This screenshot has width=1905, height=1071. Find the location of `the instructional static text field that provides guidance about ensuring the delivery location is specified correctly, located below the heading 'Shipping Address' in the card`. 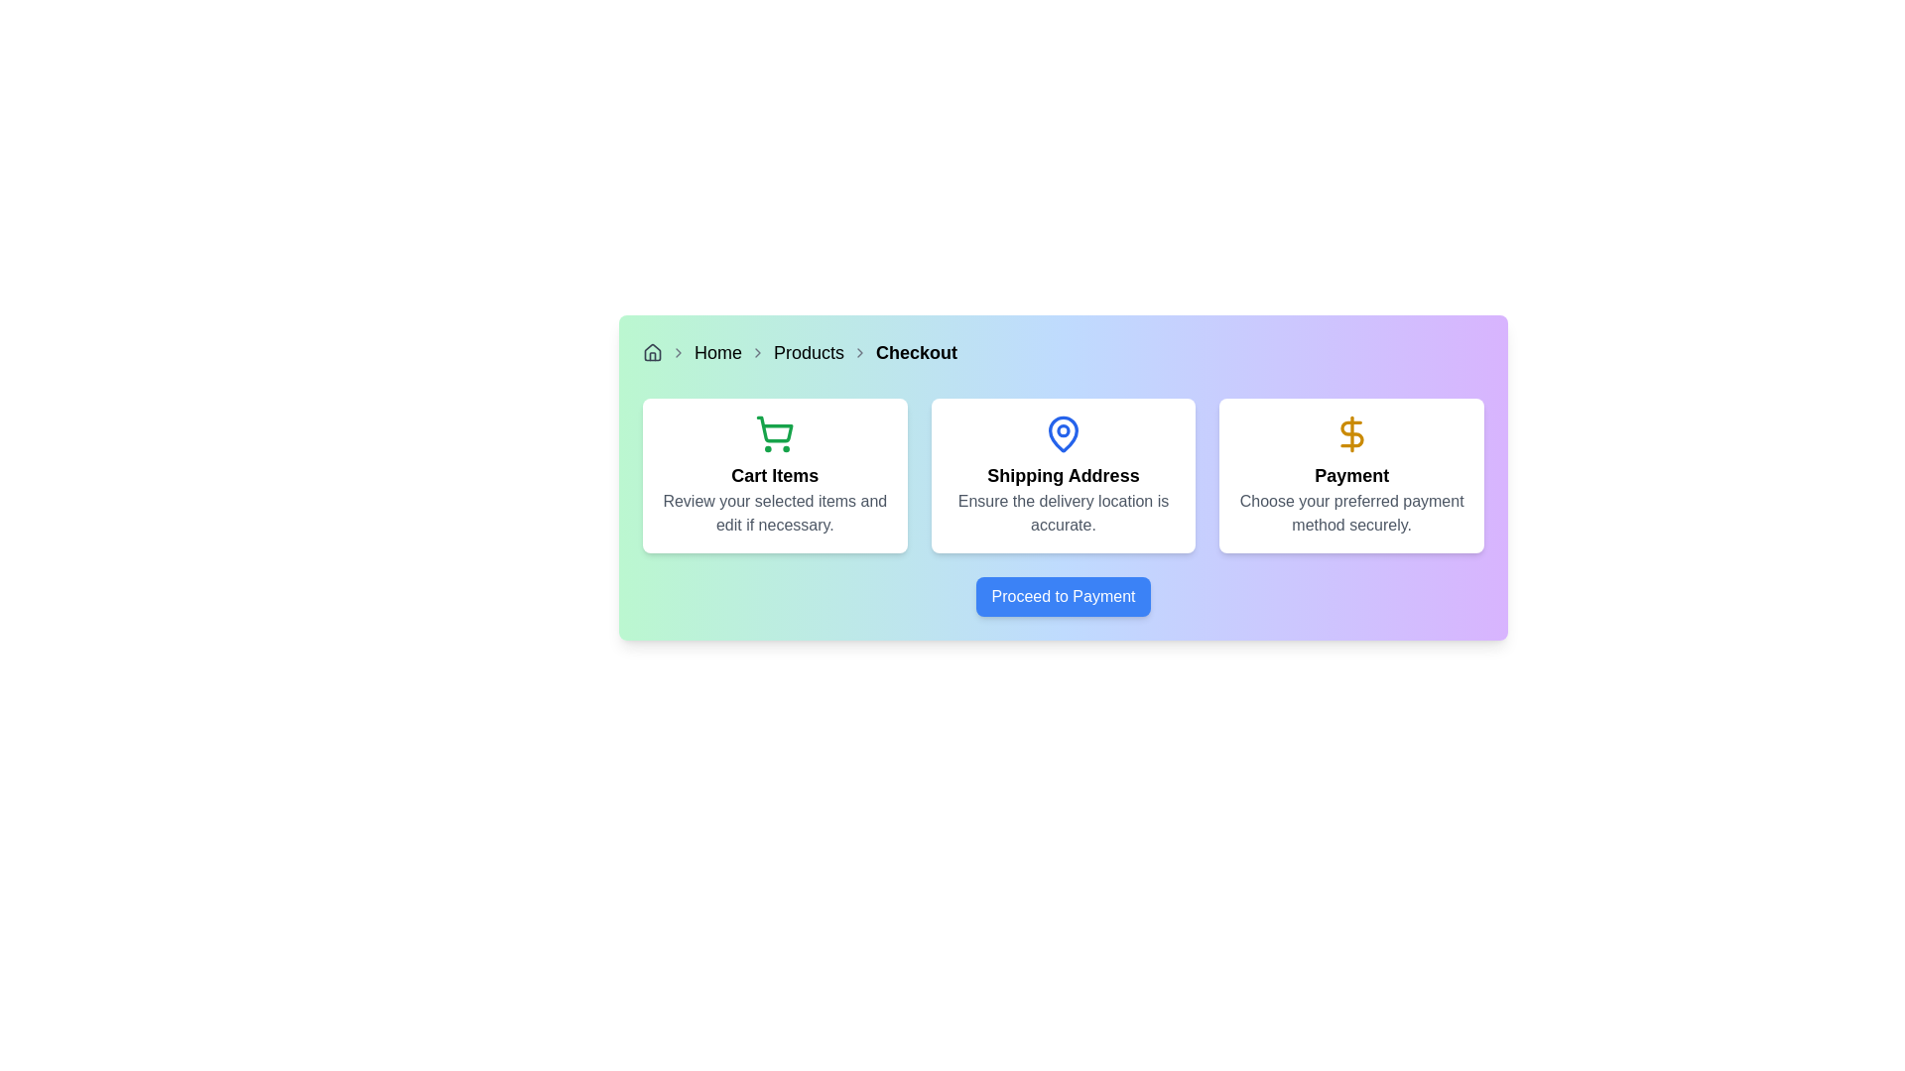

the instructional static text field that provides guidance about ensuring the delivery location is specified correctly, located below the heading 'Shipping Address' in the card is located at coordinates (1062, 512).